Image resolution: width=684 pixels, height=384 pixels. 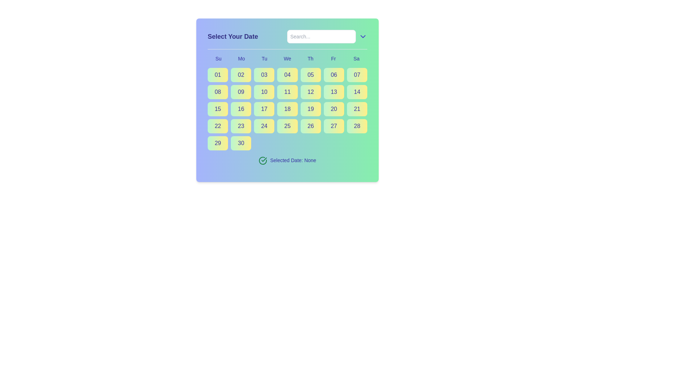 I want to click on the 'Sa' text label in the calendar view, which indicates the Saturday column and is positioned at the end of the weekday abbreviation row, so click(x=356, y=58).